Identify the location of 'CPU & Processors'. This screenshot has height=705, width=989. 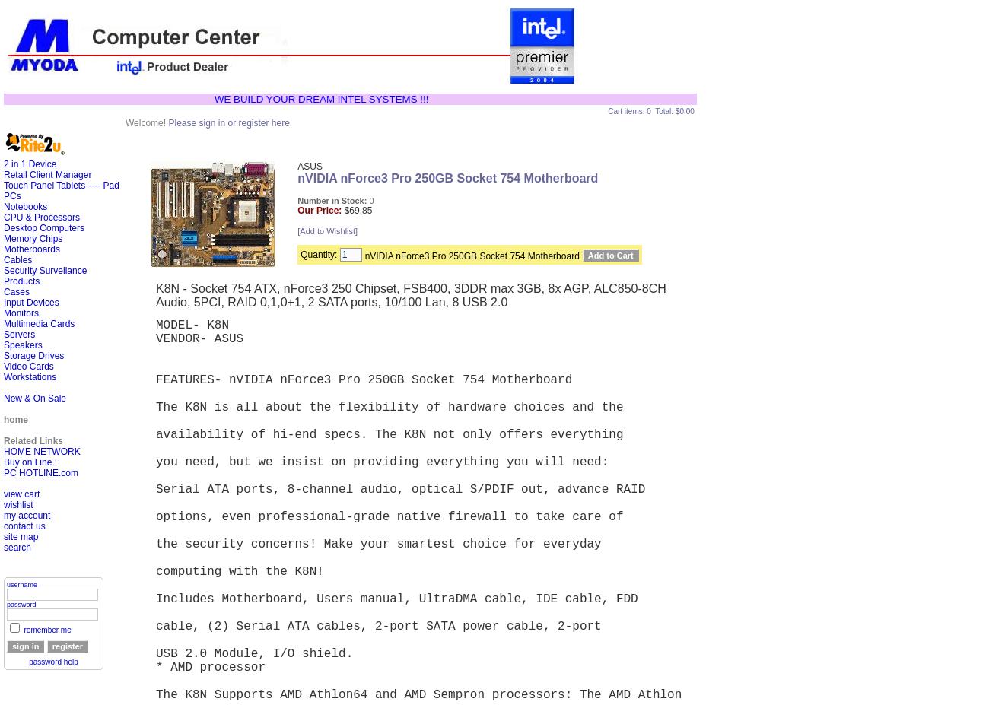
(40, 217).